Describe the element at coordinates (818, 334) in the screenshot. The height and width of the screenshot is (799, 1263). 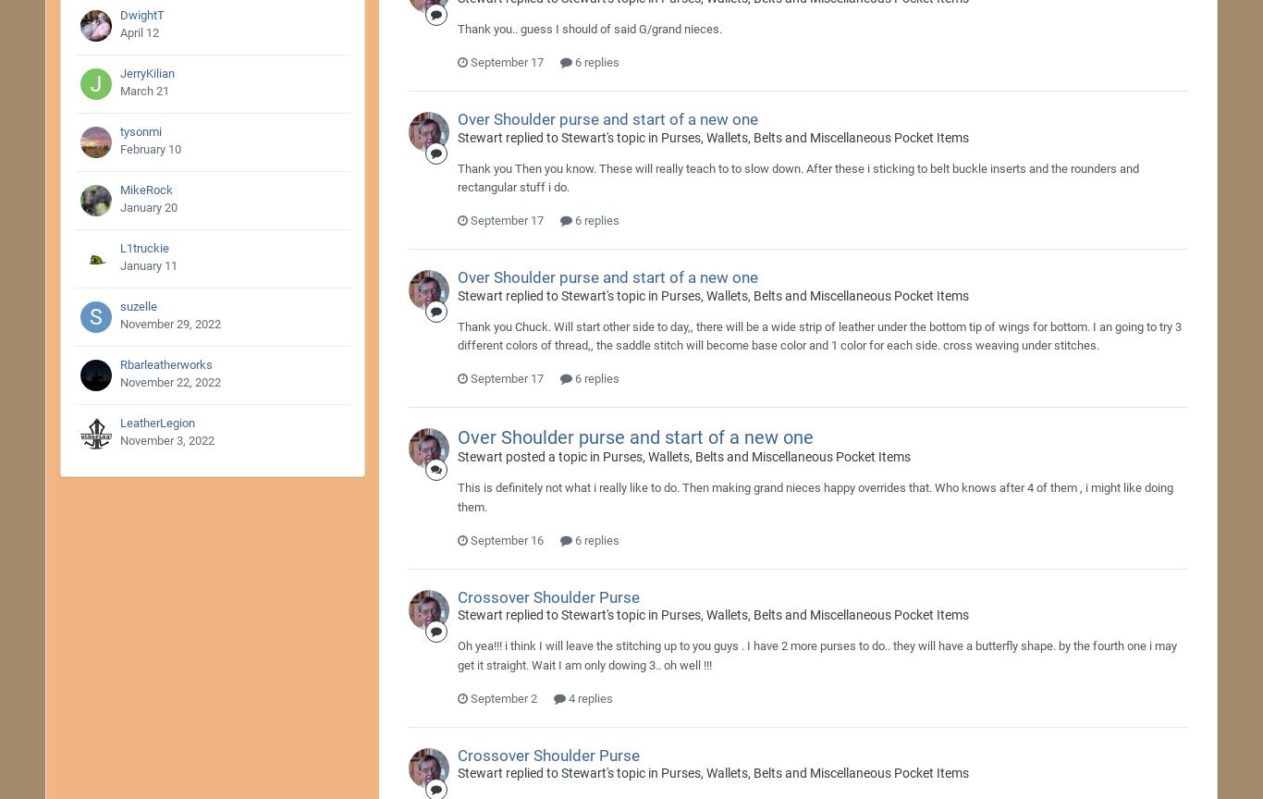
I see `'Thank you Chuck.
 


	  Will start other side to day,, there will be a wide strip of leather under the bottom tip of wings for bottom.
 


	I  an  going to try 3 different colors of thread,, the saddle stitch will become base color
 


	and 1  color  for each side. cross weaving under stitches.'` at that location.